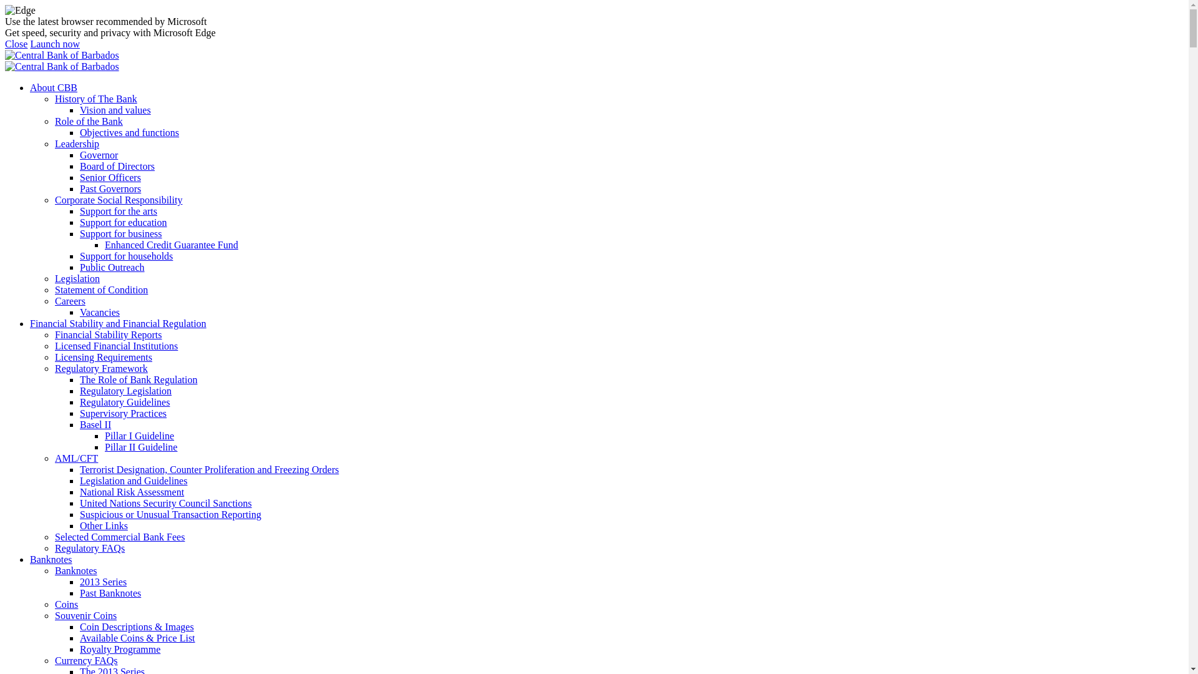  Describe the element at coordinates (108, 334) in the screenshot. I see `'Financial Stability Reports'` at that location.